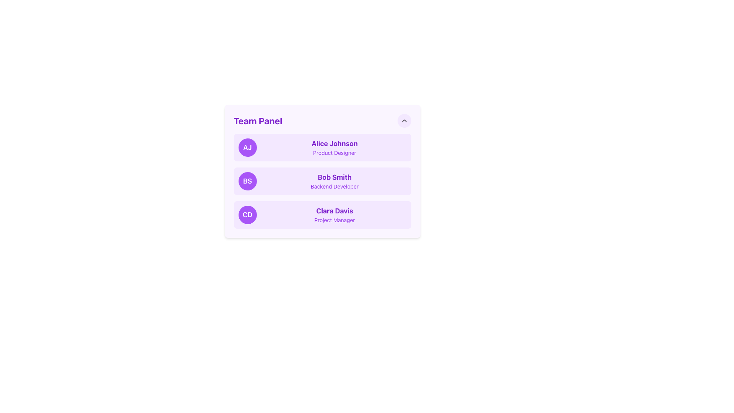 The height and width of the screenshot is (413, 734). What do you see at coordinates (247, 147) in the screenshot?
I see `the purple Avatar Icon with 'AJ' text in the center` at bounding box center [247, 147].